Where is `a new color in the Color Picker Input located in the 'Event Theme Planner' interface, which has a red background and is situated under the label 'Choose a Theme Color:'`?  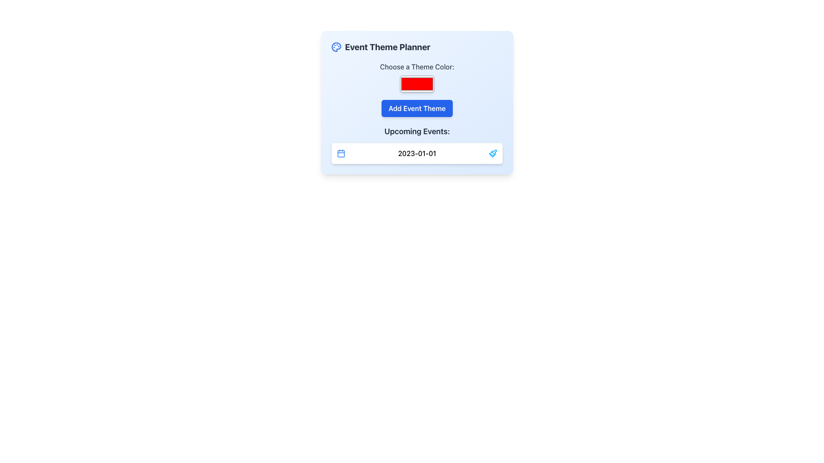 a new color in the Color Picker Input located in the 'Event Theme Planner' interface, which has a red background and is situated under the label 'Choose a Theme Color:' is located at coordinates (417, 84).